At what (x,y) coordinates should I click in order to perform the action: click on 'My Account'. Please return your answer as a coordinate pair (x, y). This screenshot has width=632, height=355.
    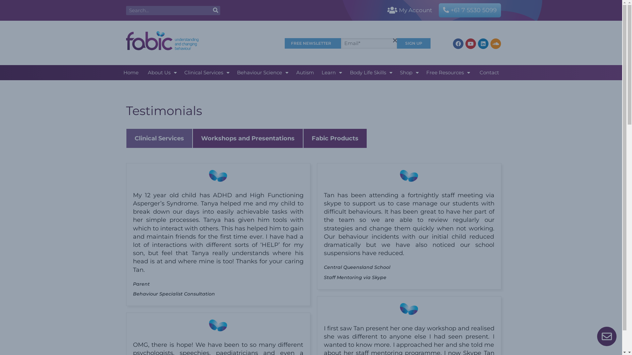
    Looking at the image, I should click on (415, 10).